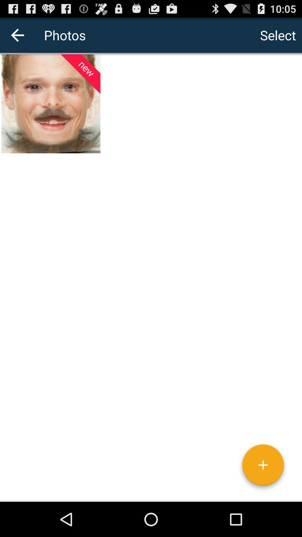 This screenshot has width=302, height=537. I want to click on the add icon, so click(263, 500).